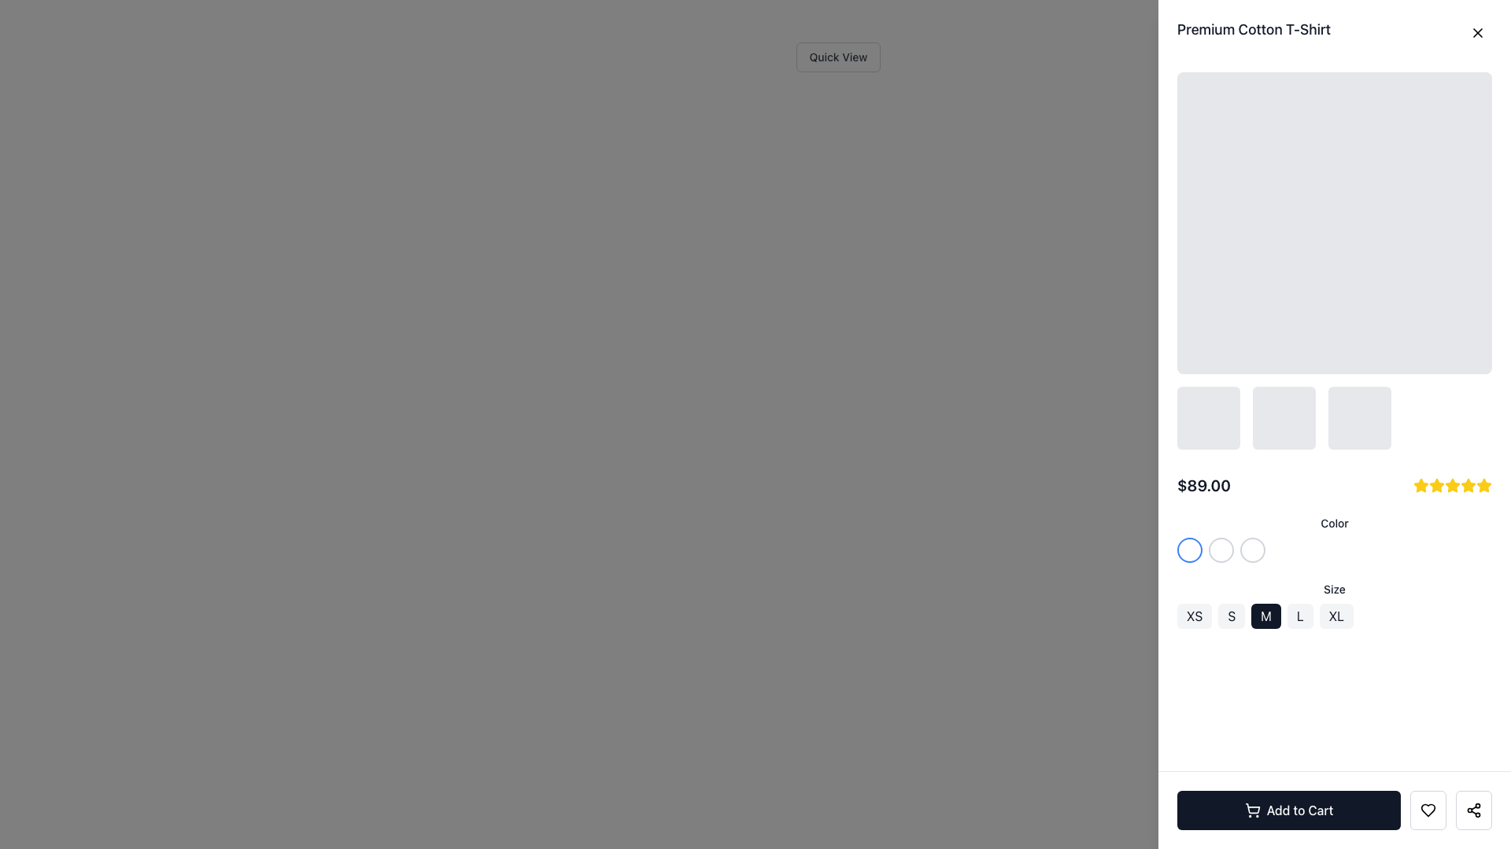  I want to click on the fifth yellow star icon used for indicating ratings to note the rating it represents, so click(1468, 484).